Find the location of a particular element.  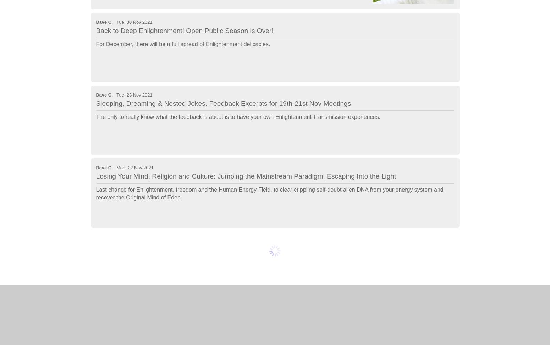

'Sleeping, Dreaming & Nested Jokes. Feedback Excerpts for 19th-21st Nov Meetings' is located at coordinates (223, 103).